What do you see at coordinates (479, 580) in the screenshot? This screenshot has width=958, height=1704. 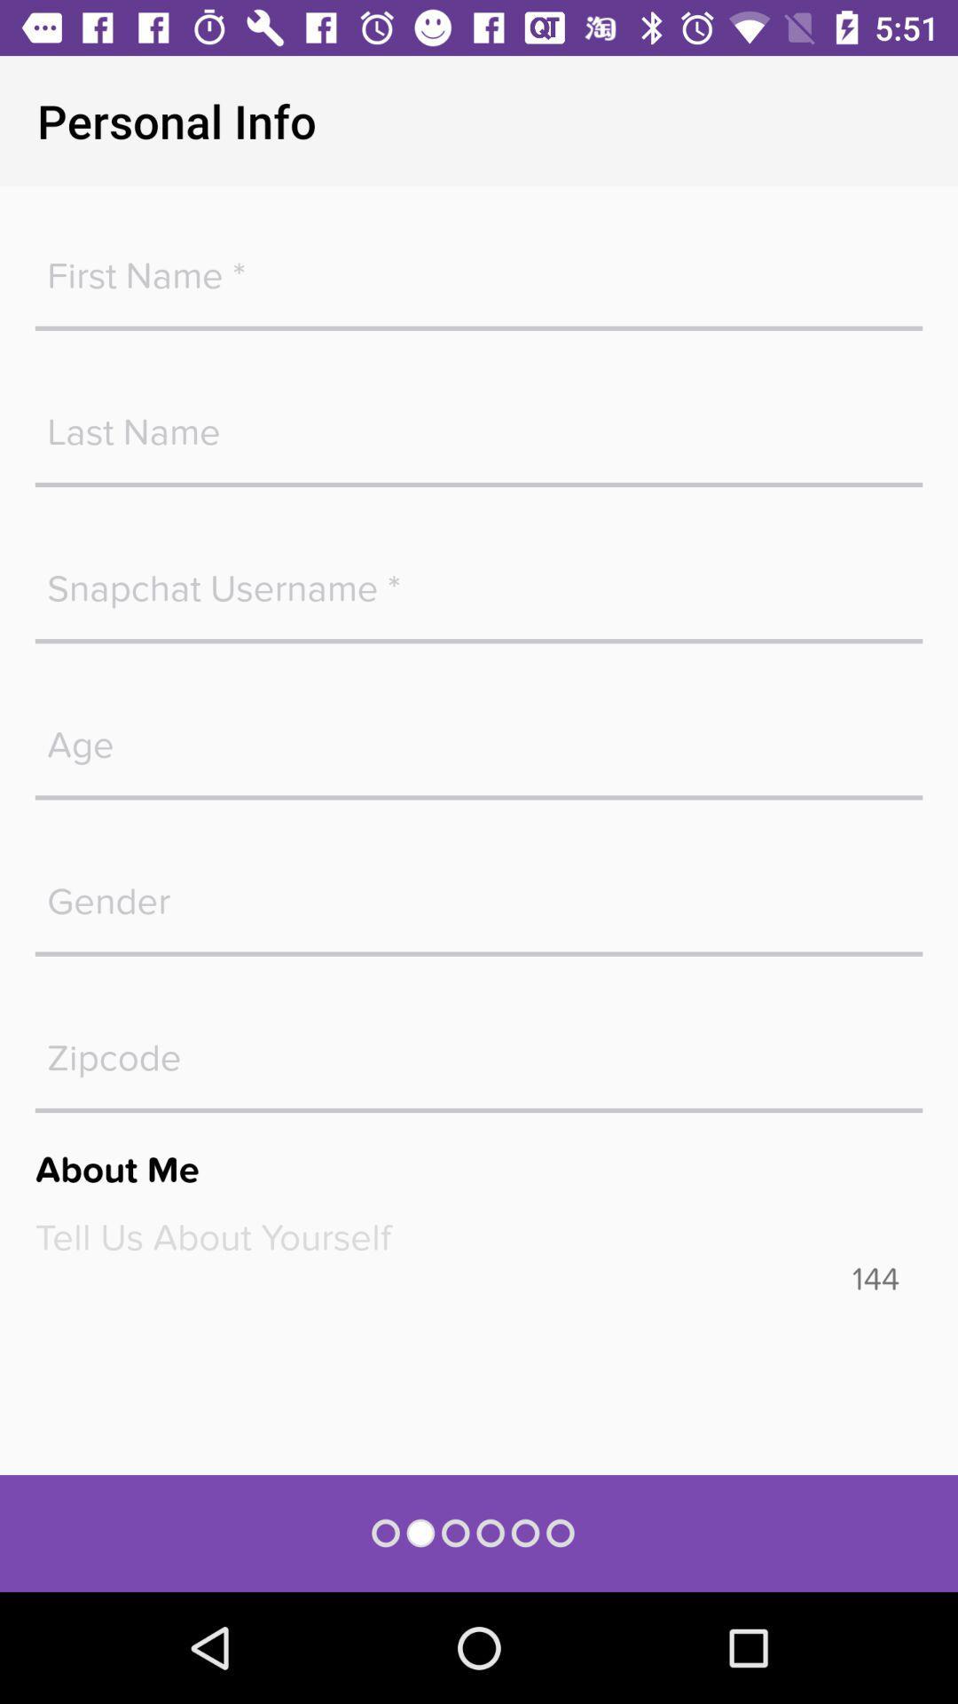 I see `snapchat username` at bounding box center [479, 580].